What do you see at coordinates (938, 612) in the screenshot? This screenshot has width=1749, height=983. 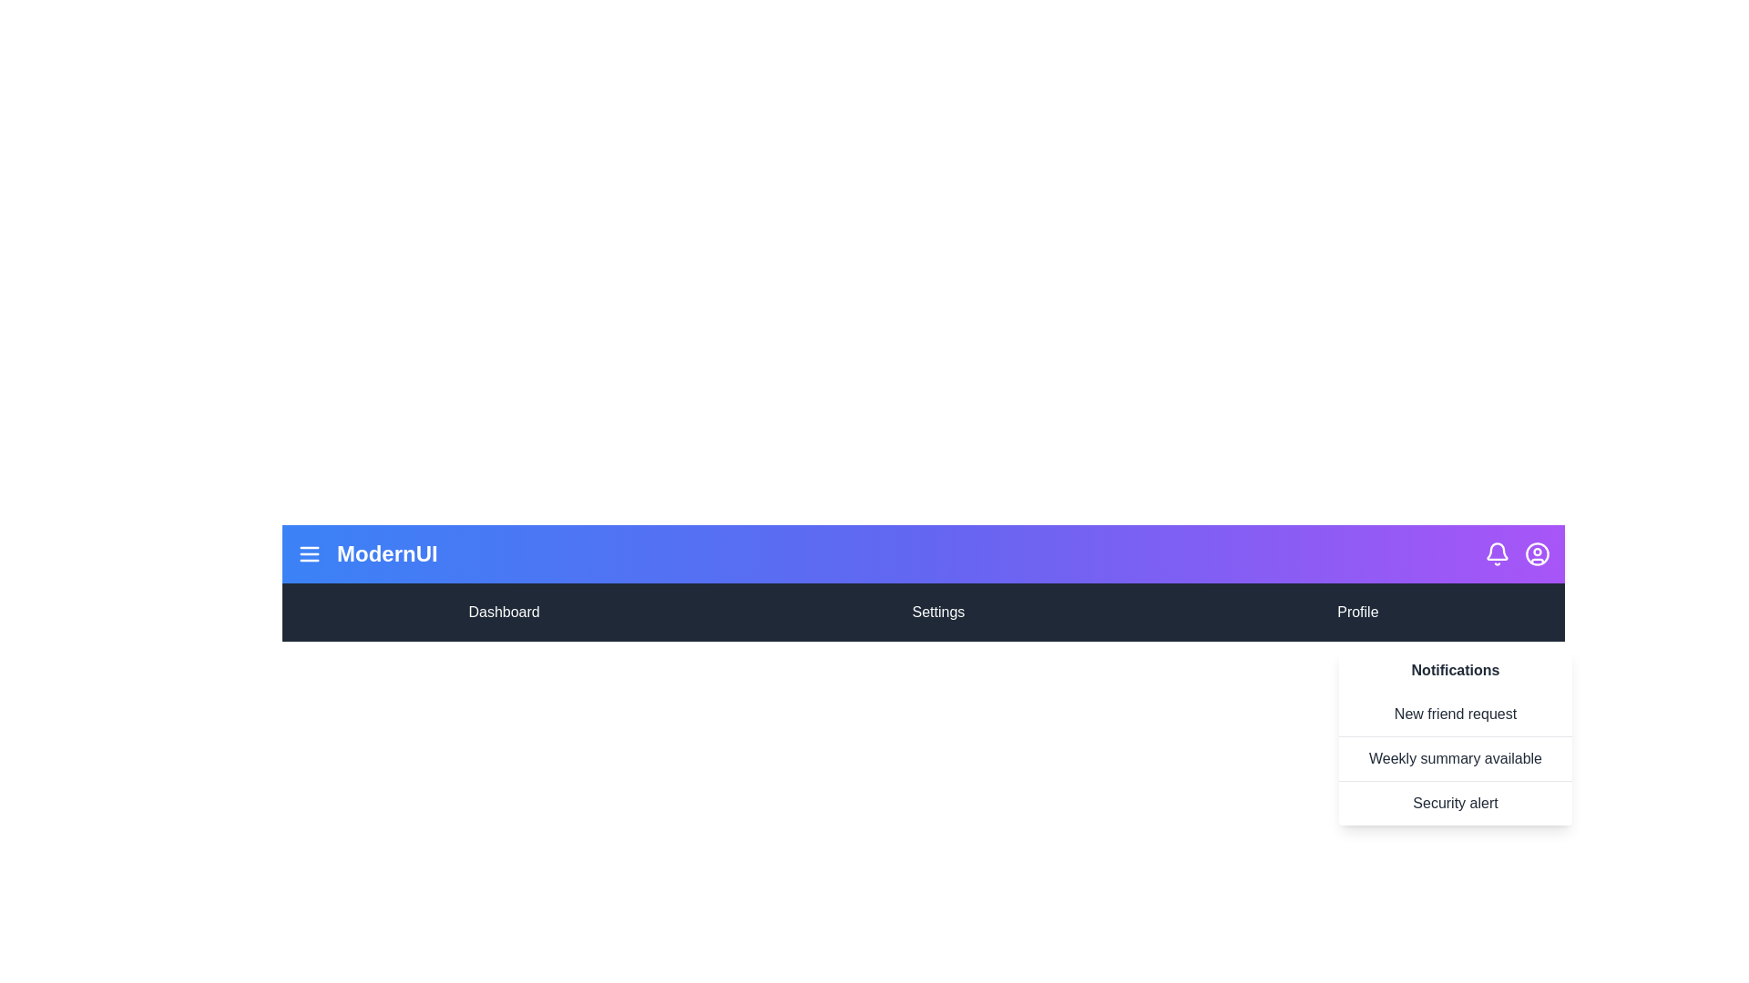 I see `the menu item Settings to select it` at bounding box center [938, 612].